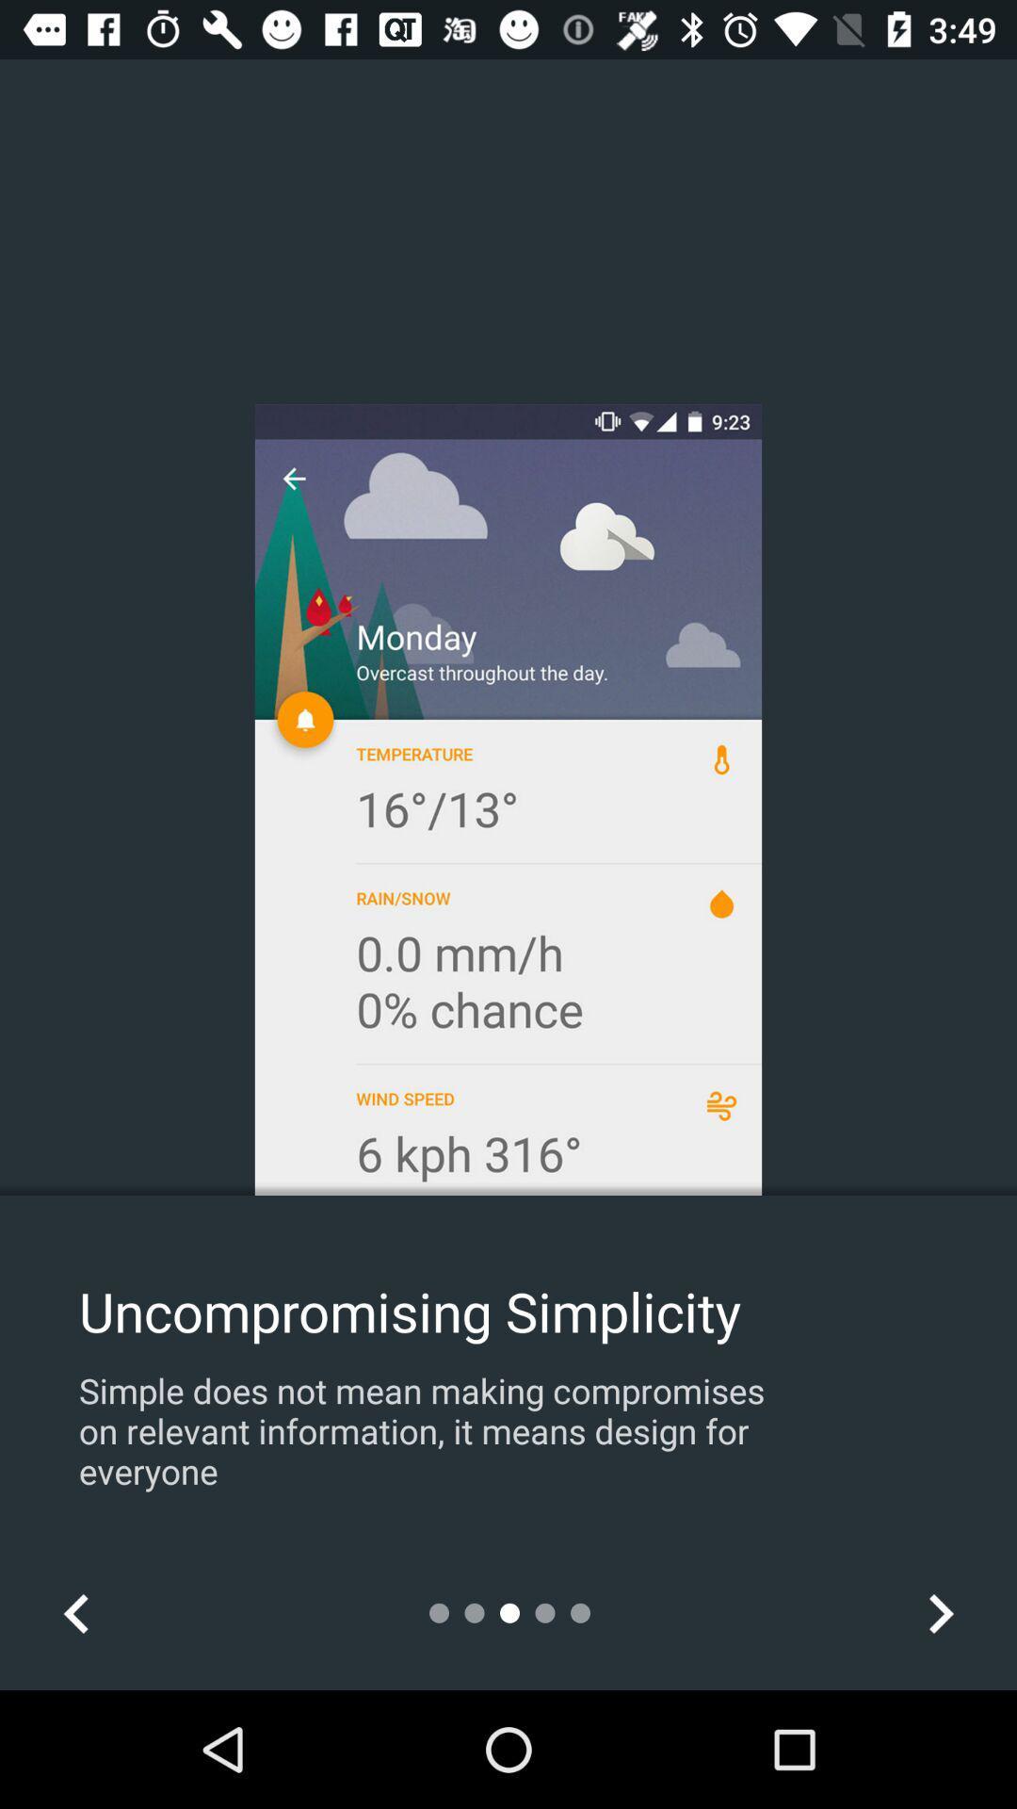 The height and width of the screenshot is (1809, 1017). What do you see at coordinates (75, 1612) in the screenshot?
I see `item below the simple does not item` at bounding box center [75, 1612].